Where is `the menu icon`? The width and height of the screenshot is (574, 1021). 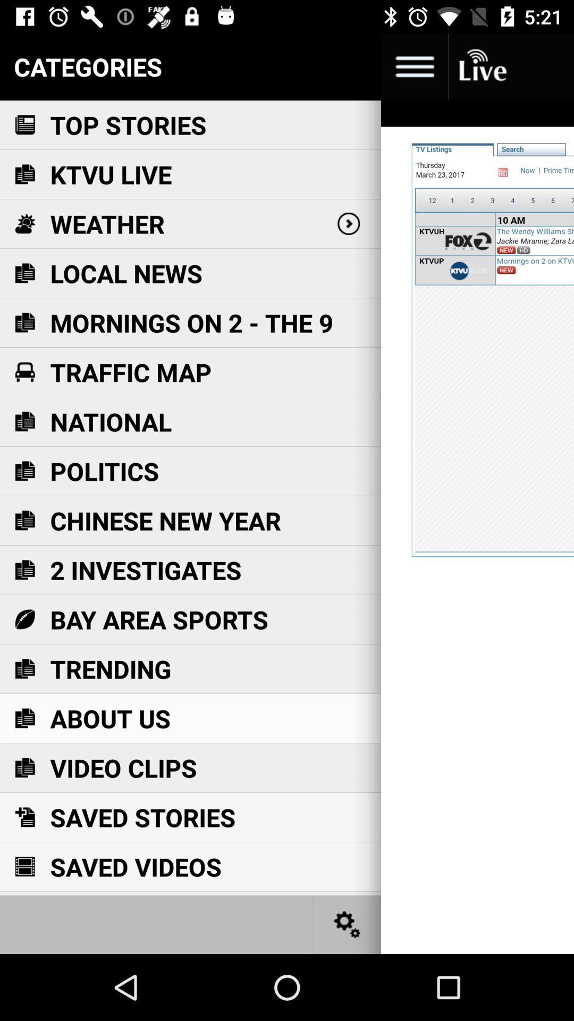
the menu icon is located at coordinates (413, 66).